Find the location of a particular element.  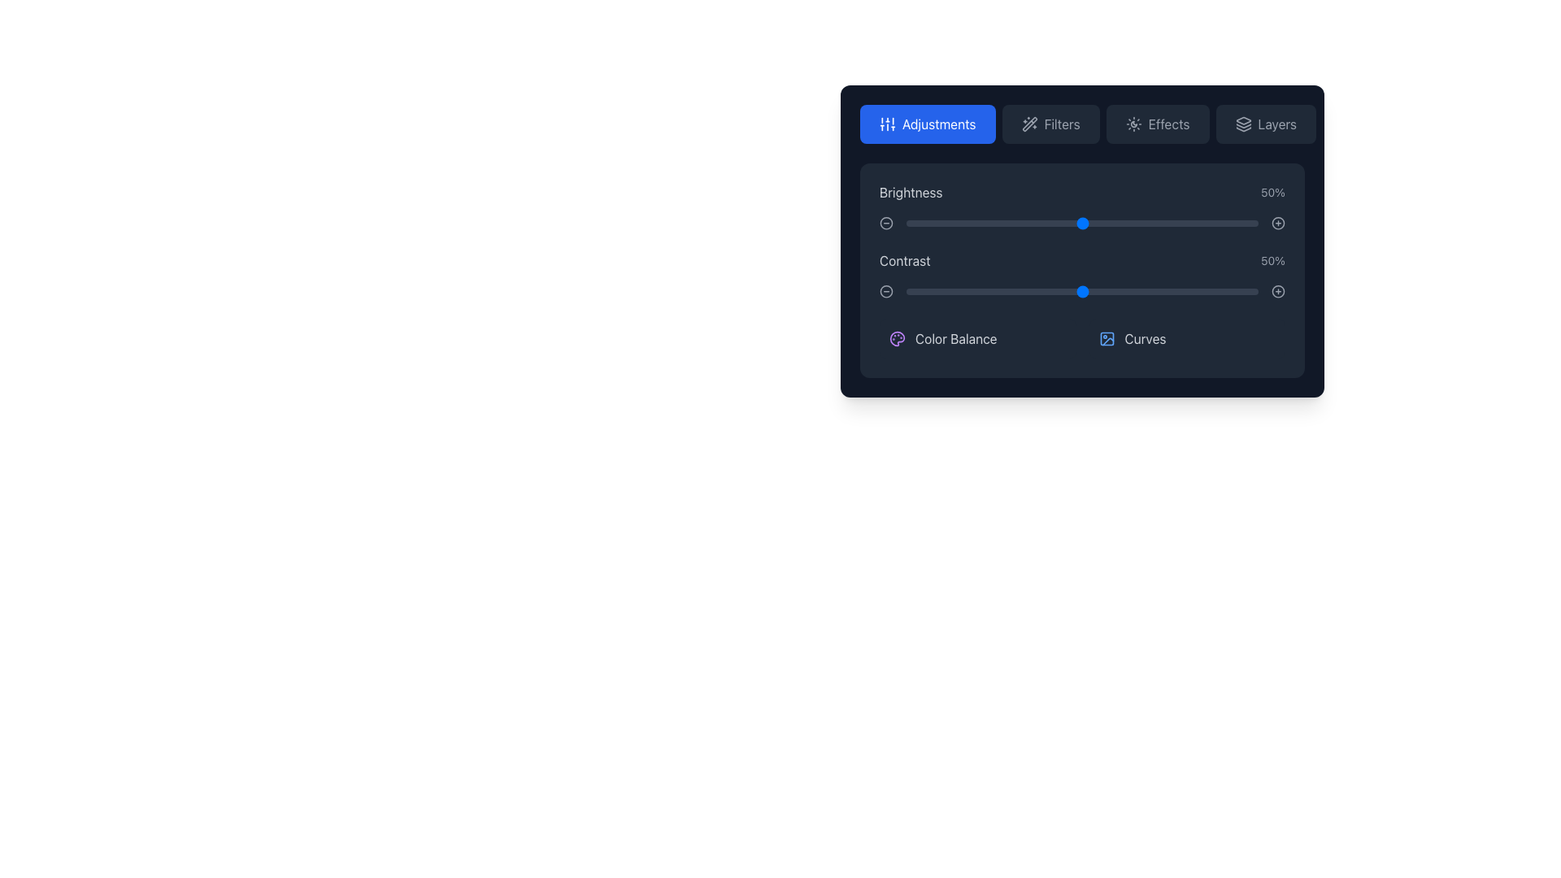

the wand with sparkles graphical icon located at the top-right corner of the toolbar is located at coordinates (1028, 124).